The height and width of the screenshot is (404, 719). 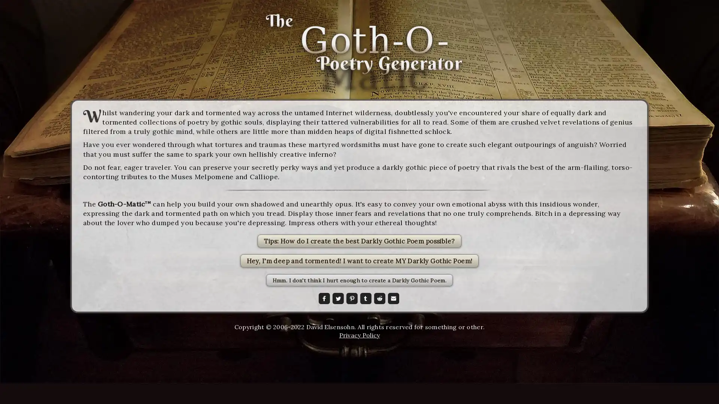 I want to click on Share to Twitter, so click(x=340, y=298).